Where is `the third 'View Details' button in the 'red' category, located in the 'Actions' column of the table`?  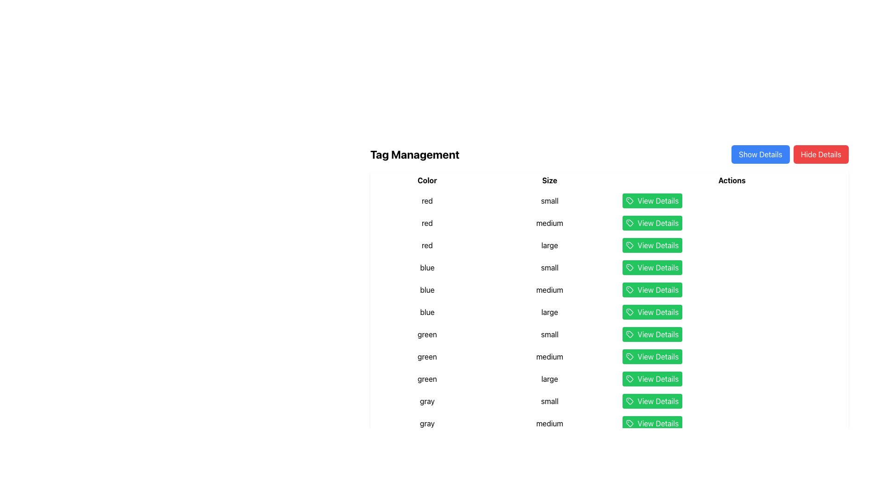 the third 'View Details' button in the 'red' category, located in the 'Actions' column of the table is located at coordinates (652, 244).